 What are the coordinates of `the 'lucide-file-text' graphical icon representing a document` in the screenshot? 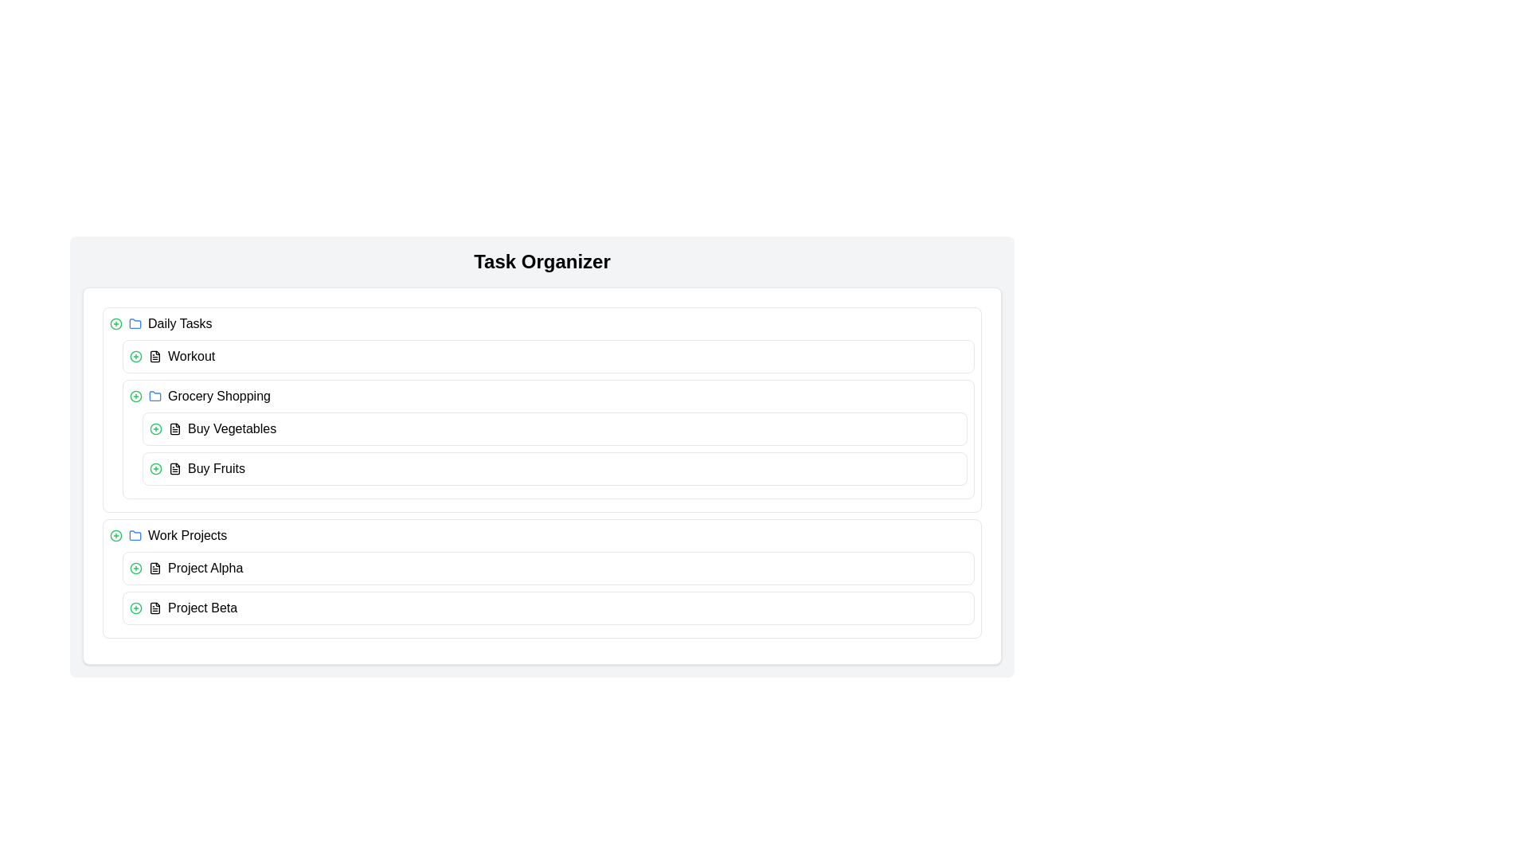 It's located at (155, 355).